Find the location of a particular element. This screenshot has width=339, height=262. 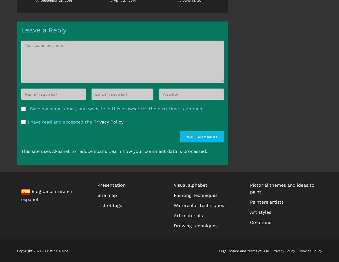

'Leave a Reply' is located at coordinates (44, 30).